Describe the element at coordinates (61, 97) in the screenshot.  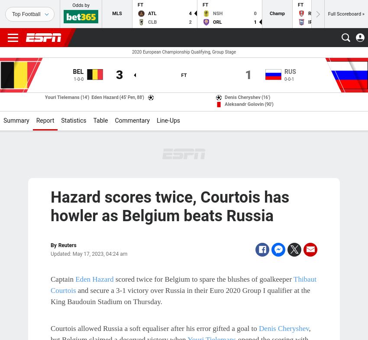
I see `'Youri Tielemans'` at that location.